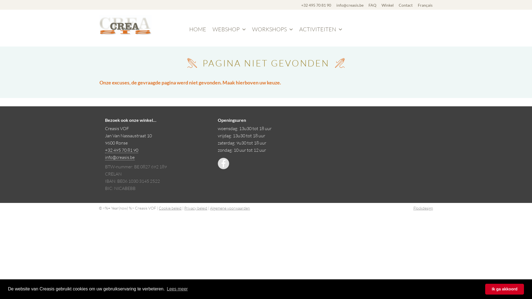 The height and width of the screenshot is (299, 532). What do you see at coordinates (423, 208) in the screenshot?
I see `'Flockdesign'` at bounding box center [423, 208].